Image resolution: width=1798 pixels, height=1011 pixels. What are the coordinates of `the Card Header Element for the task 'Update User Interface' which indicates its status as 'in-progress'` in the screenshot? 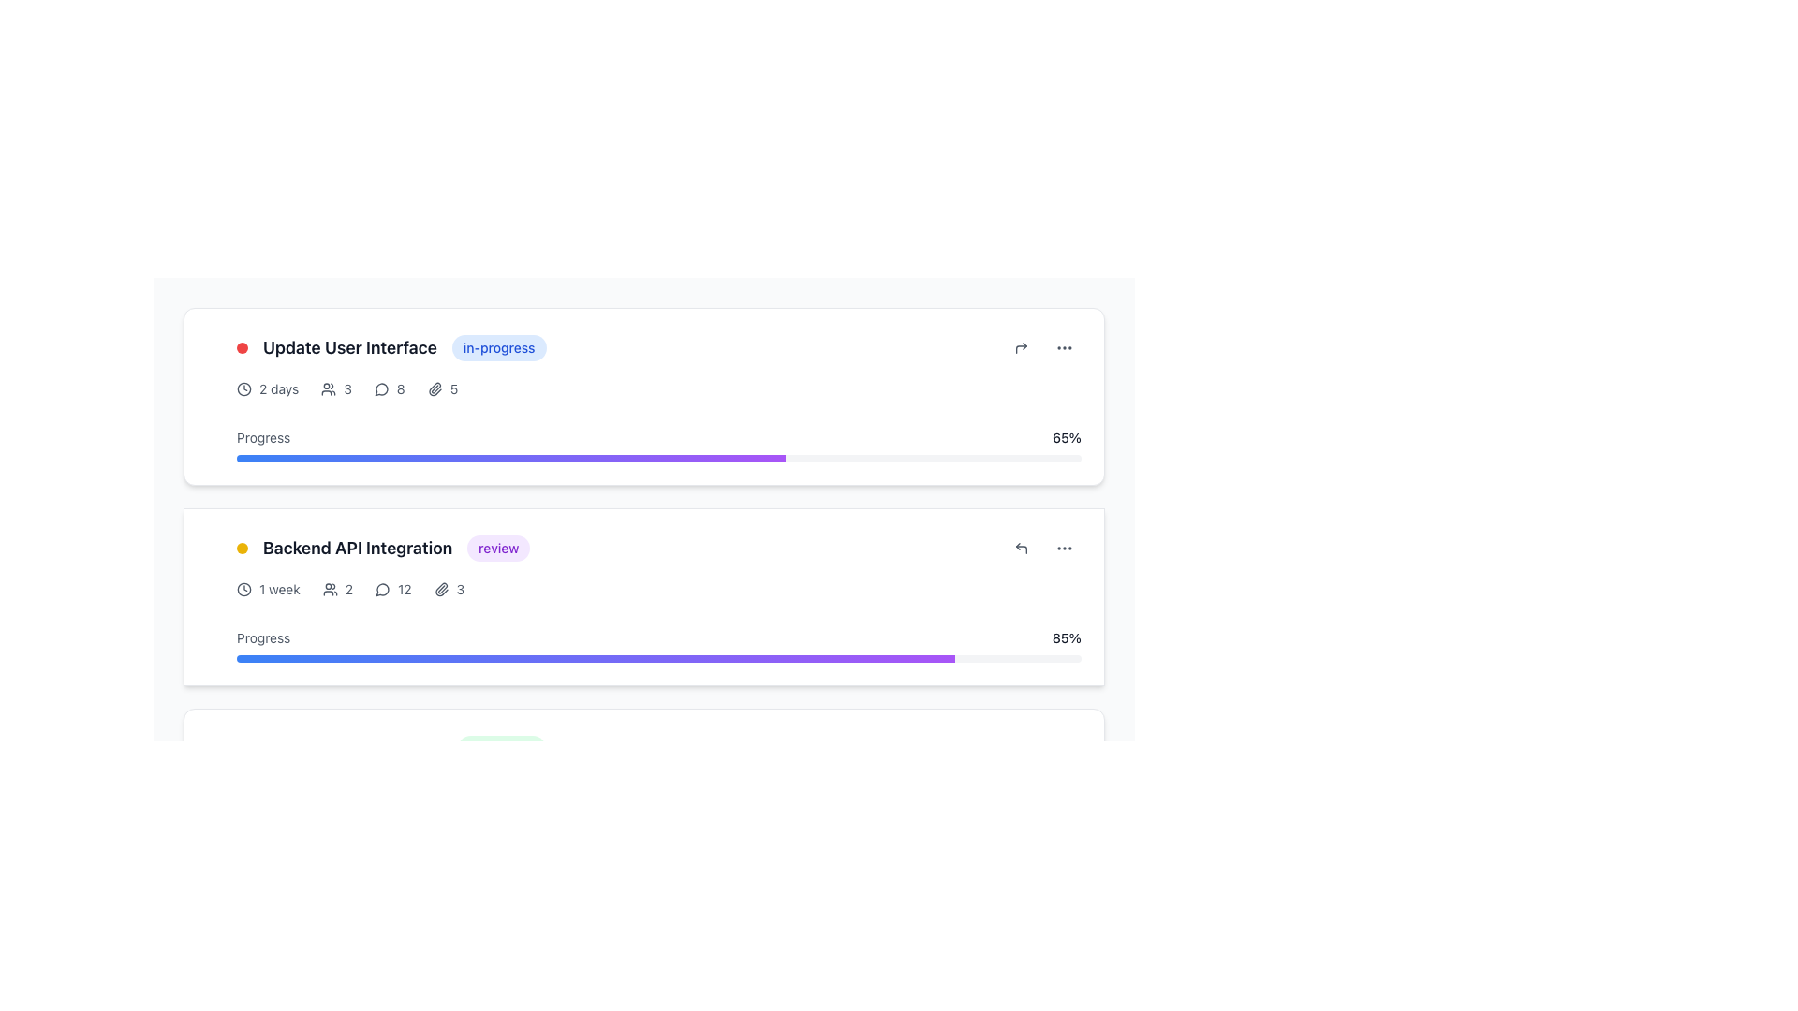 It's located at (391, 347).